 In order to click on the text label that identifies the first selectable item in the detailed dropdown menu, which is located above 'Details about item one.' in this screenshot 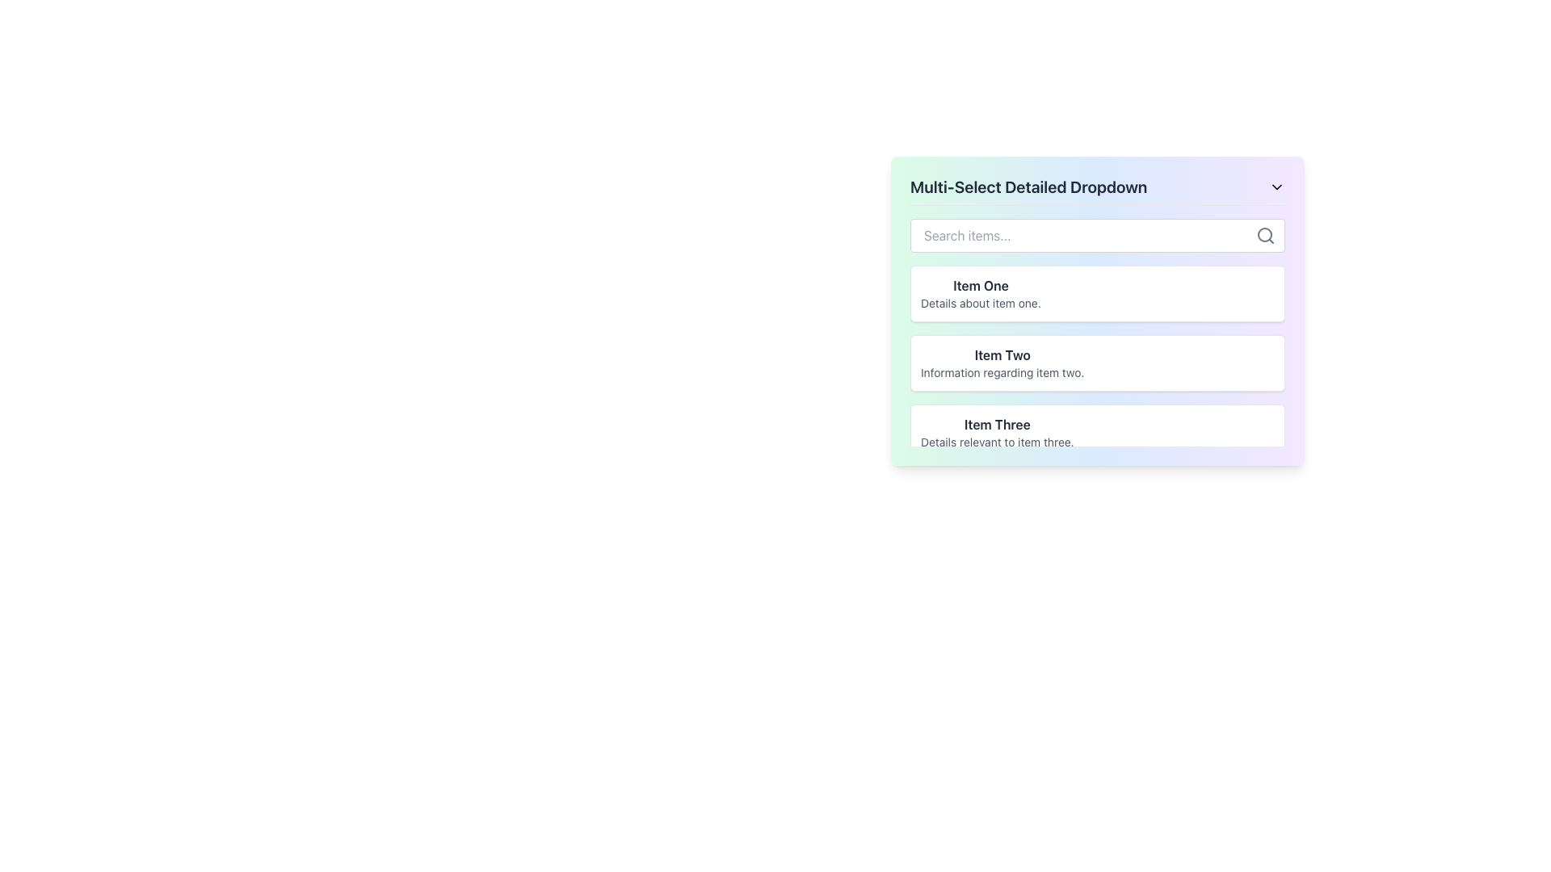, I will do `click(980, 285)`.